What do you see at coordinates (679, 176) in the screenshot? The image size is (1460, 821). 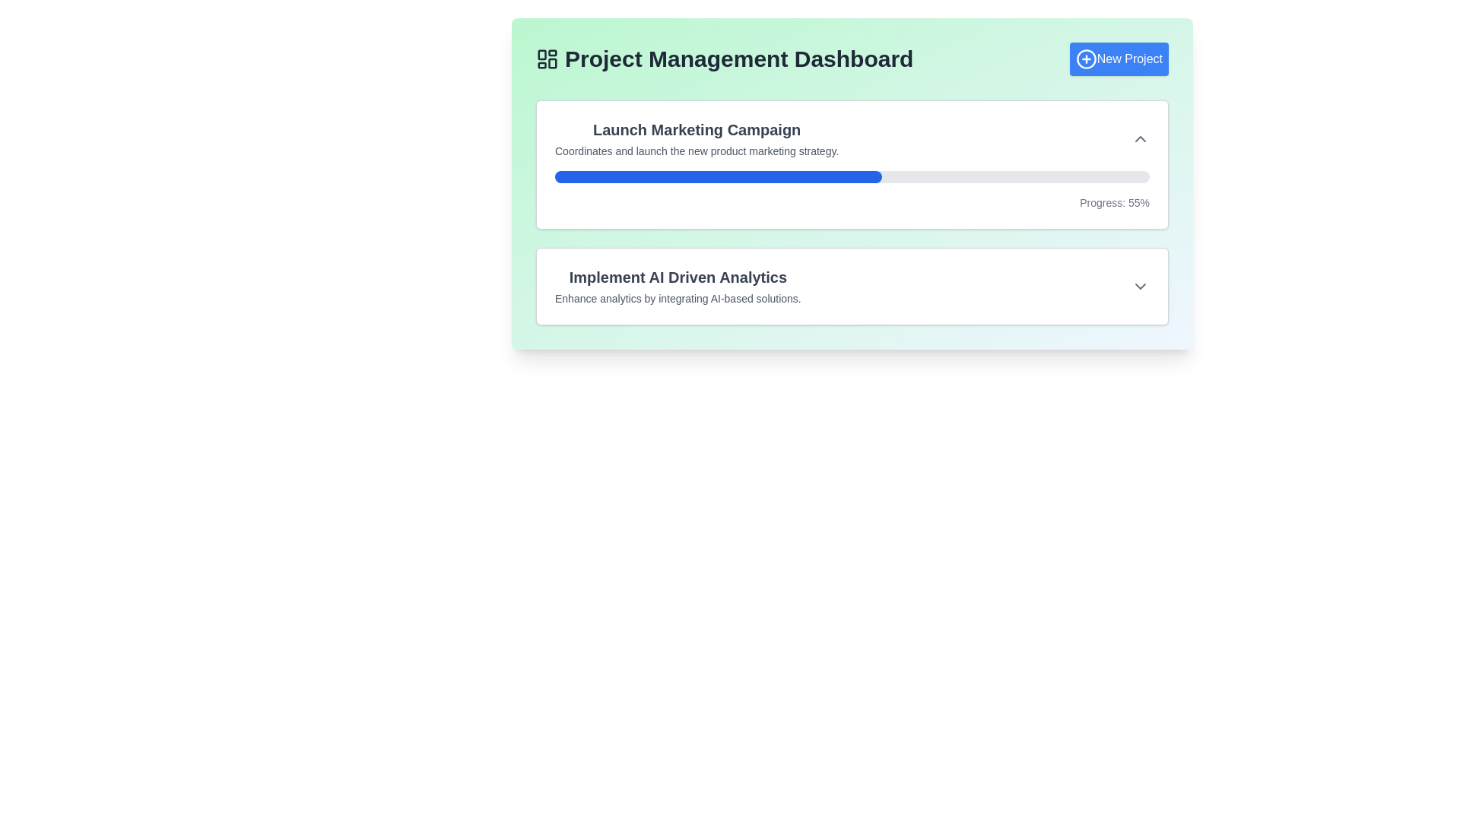 I see `progress` at bounding box center [679, 176].